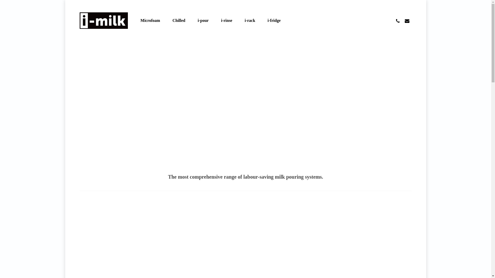 This screenshot has height=278, width=495. What do you see at coordinates (150, 20) in the screenshot?
I see `'Microfoam'` at bounding box center [150, 20].